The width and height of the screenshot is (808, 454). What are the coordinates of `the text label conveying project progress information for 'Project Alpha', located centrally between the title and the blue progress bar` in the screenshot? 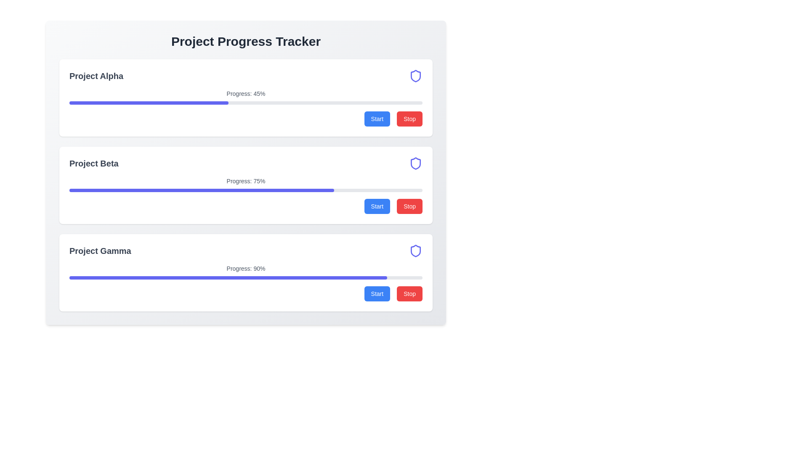 It's located at (245, 94).